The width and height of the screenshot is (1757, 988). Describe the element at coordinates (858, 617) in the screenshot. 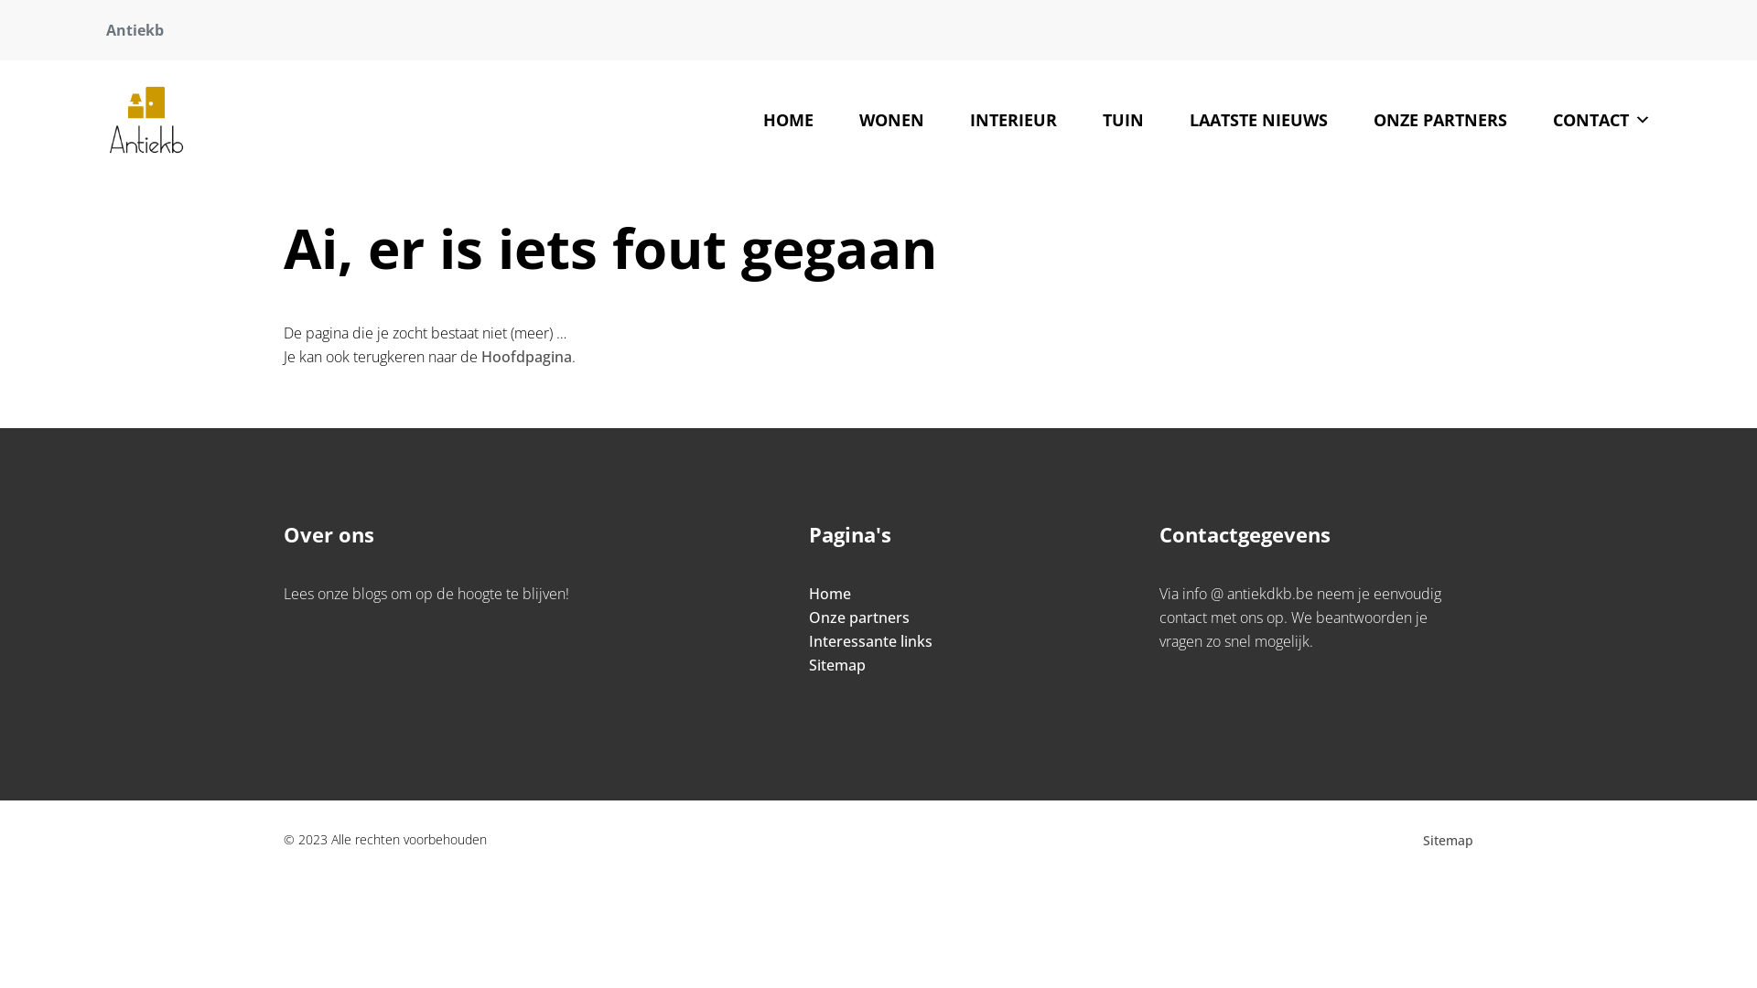

I see `'Onze partners'` at that location.